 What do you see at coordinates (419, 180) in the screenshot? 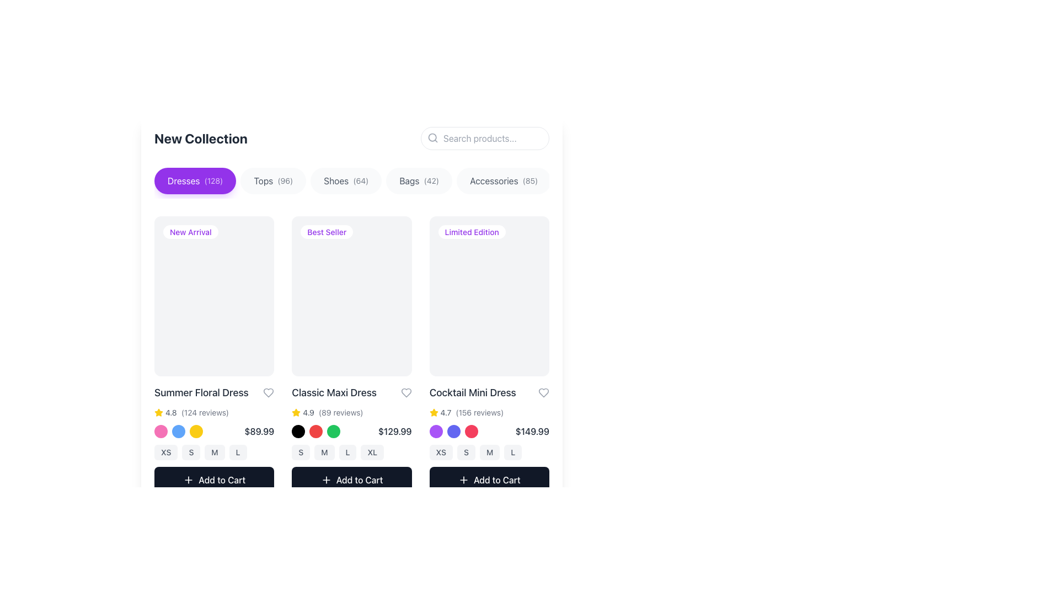
I see `the 'Bags(42)' button, which is the fourth button in a horizontal list of category filters, to filter the 'Bags' category` at bounding box center [419, 180].